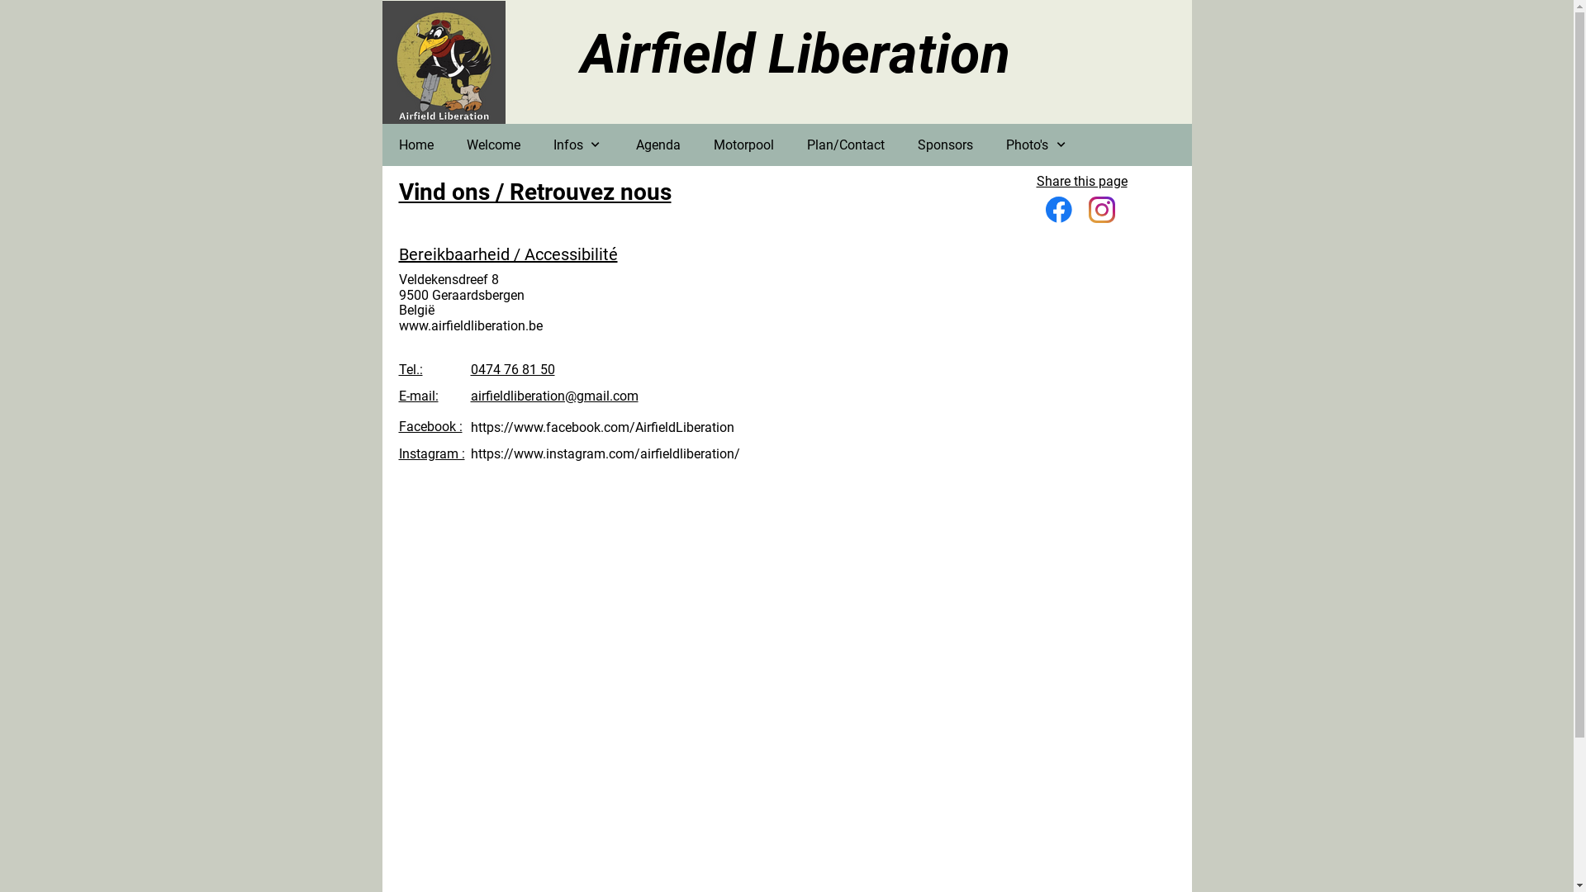 This screenshot has width=1586, height=892. Describe the element at coordinates (945, 144) in the screenshot. I see `'Sponsors'` at that location.